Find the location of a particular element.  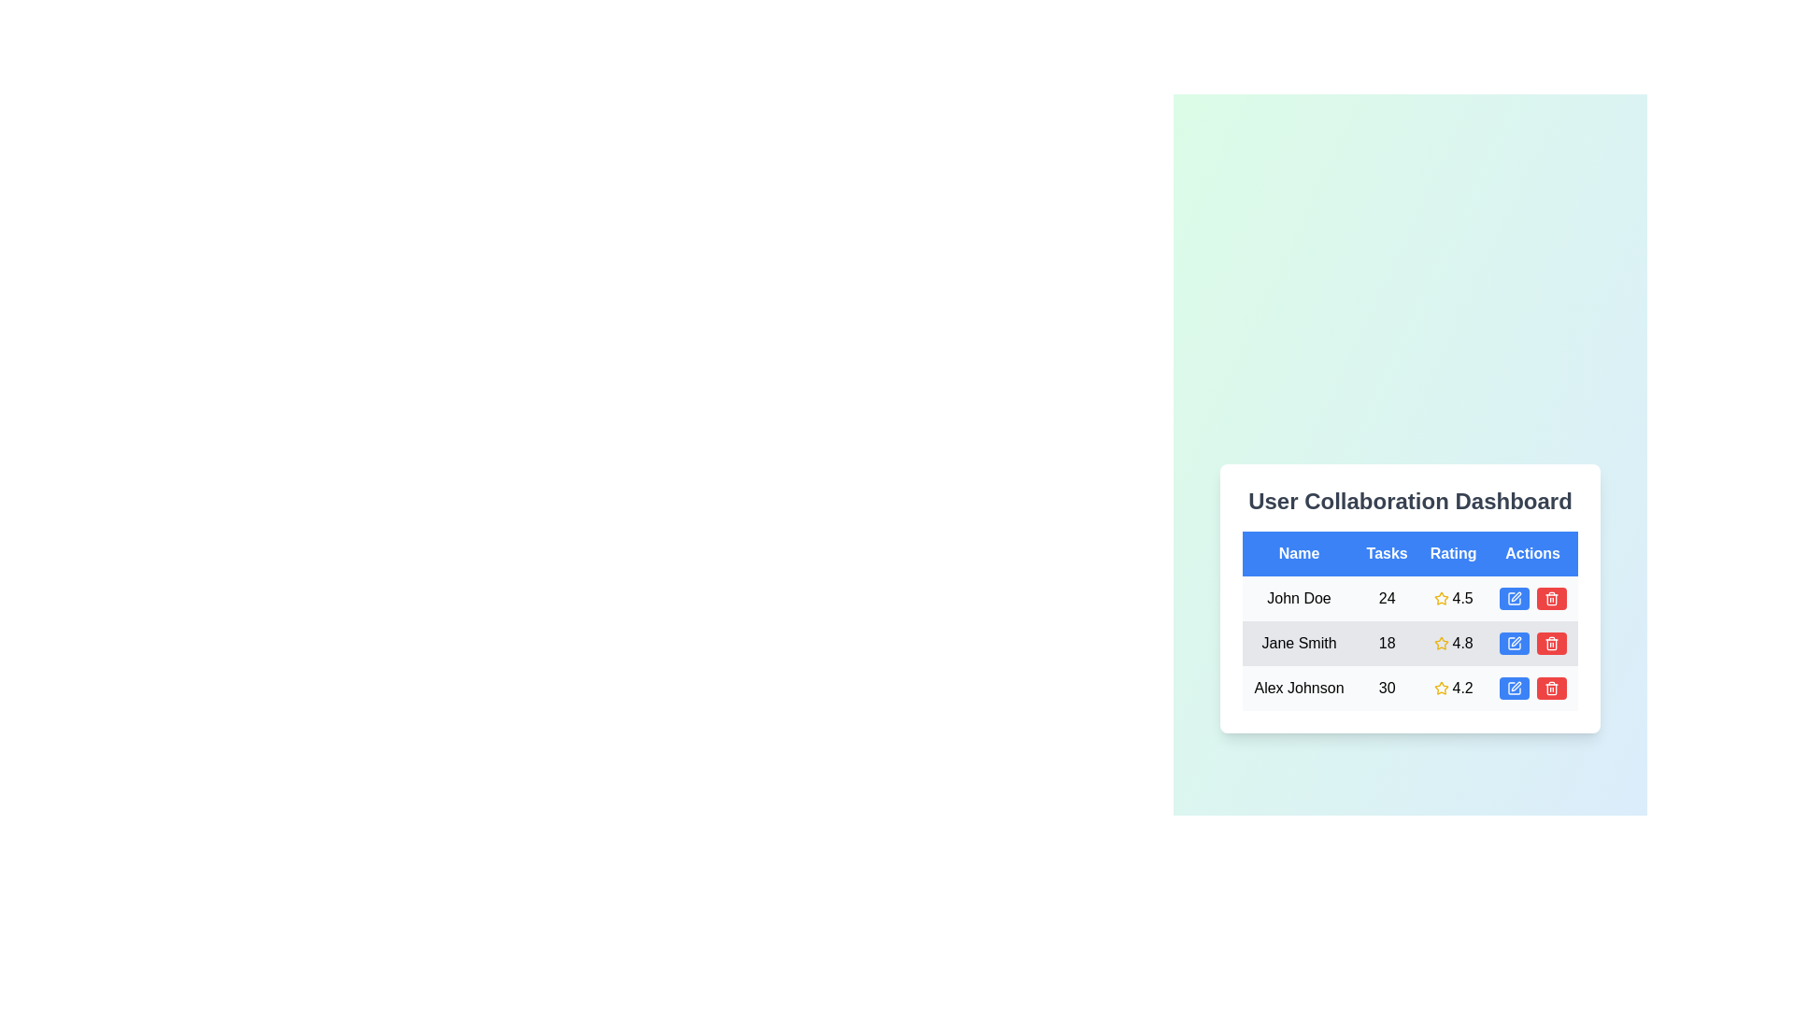

the small blue button with a white pen icon located in the 'Actions' column of the last row in the 'User Collaboration Dashboard' table is located at coordinates (1514, 688).